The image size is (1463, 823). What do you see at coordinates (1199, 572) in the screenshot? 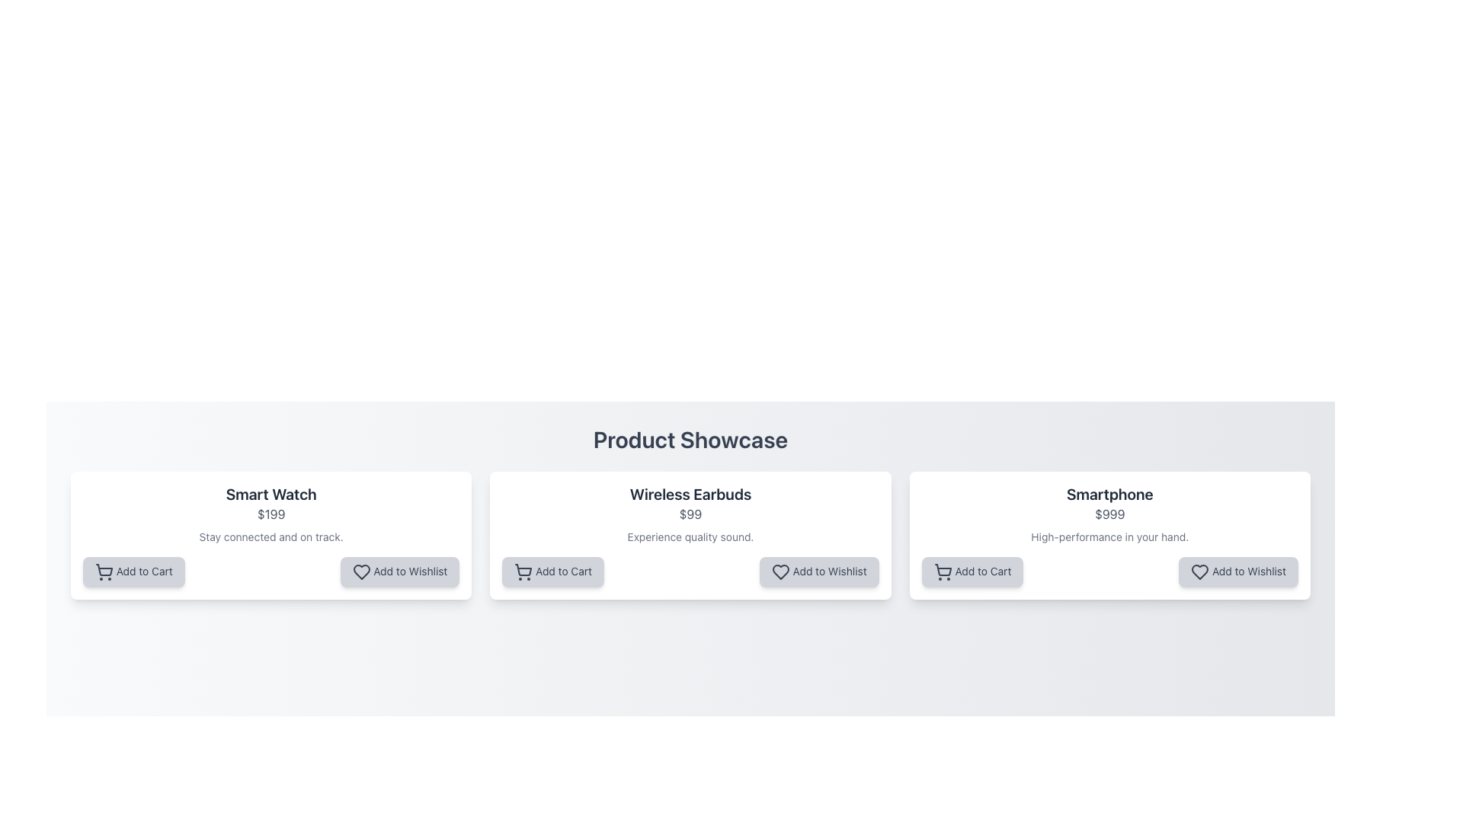
I see `the heart-shaped icon within the 'Add to Wishlist' button located at the bottom right corner of the Smartphone product card` at bounding box center [1199, 572].